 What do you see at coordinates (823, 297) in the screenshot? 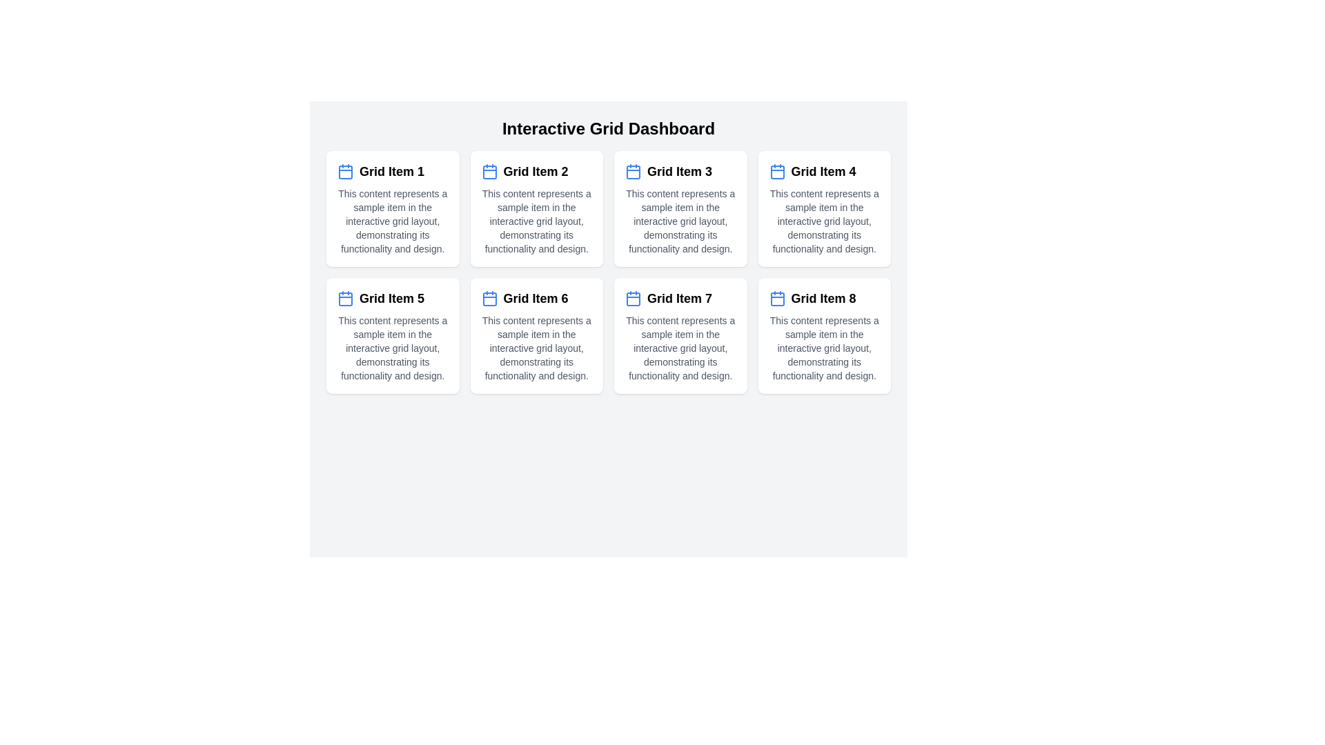
I see `the text label that reads 'Grid Item 8', which is styled in bold and larger font, located in the bottom row and fourth column of the grid layout` at bounding box center [823, 297].